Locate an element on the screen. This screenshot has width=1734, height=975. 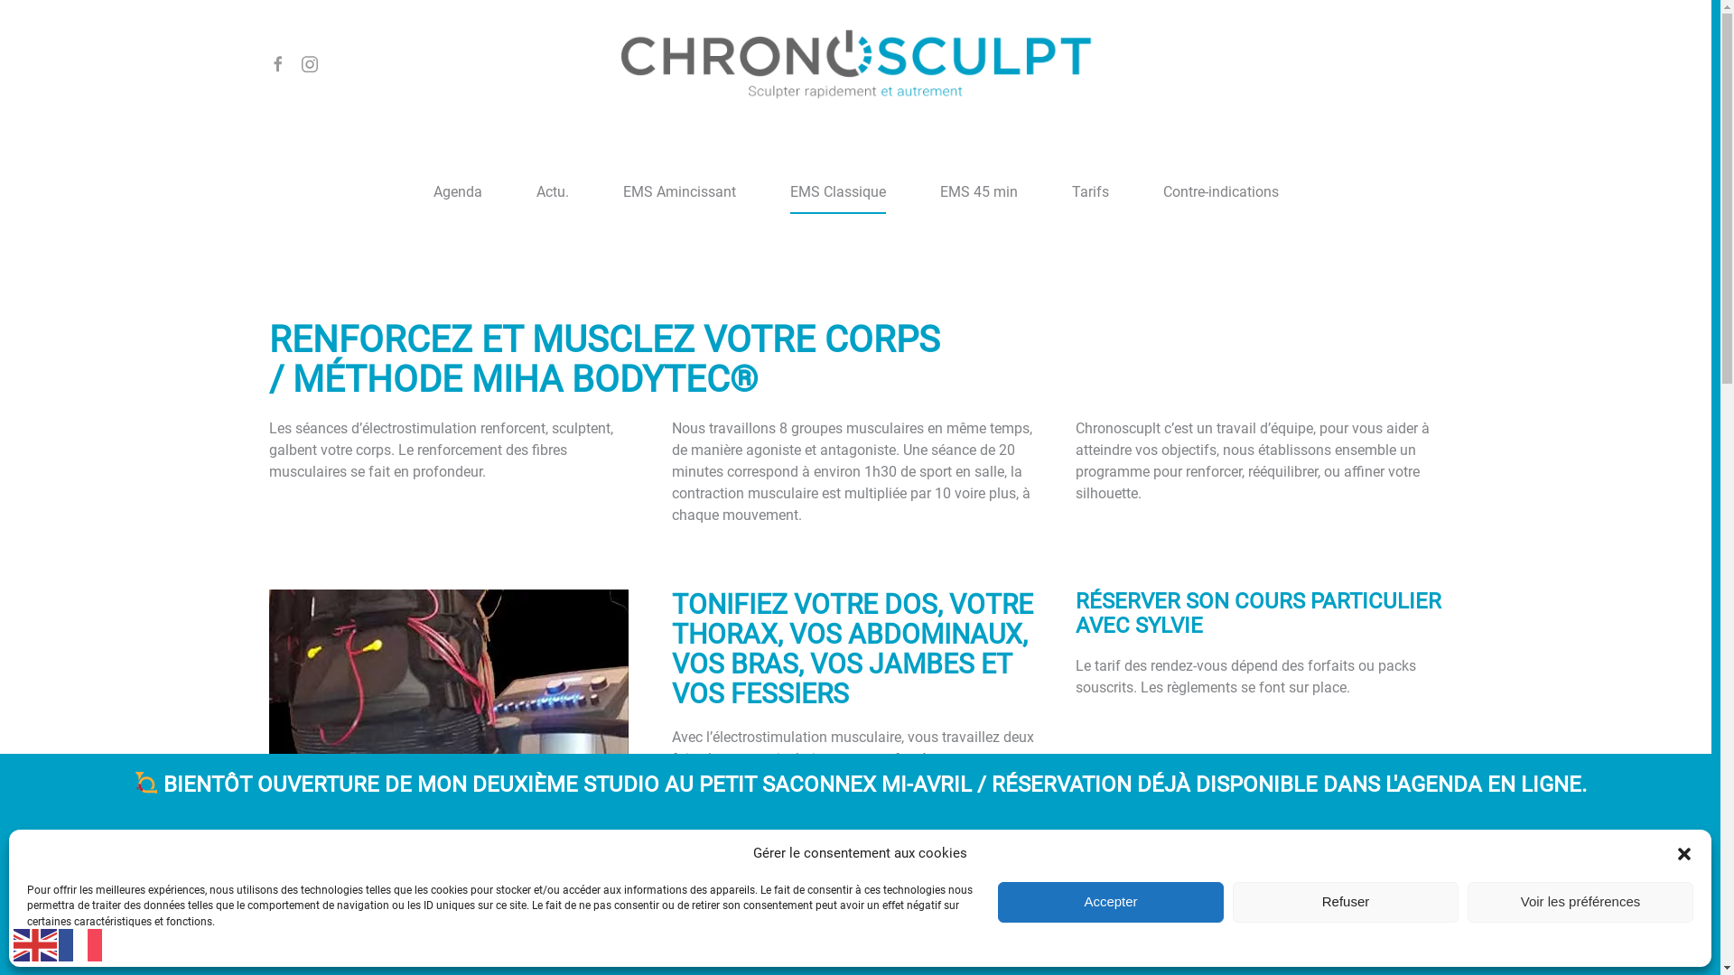
'Accepter' is located at coordinates (1109, 901).